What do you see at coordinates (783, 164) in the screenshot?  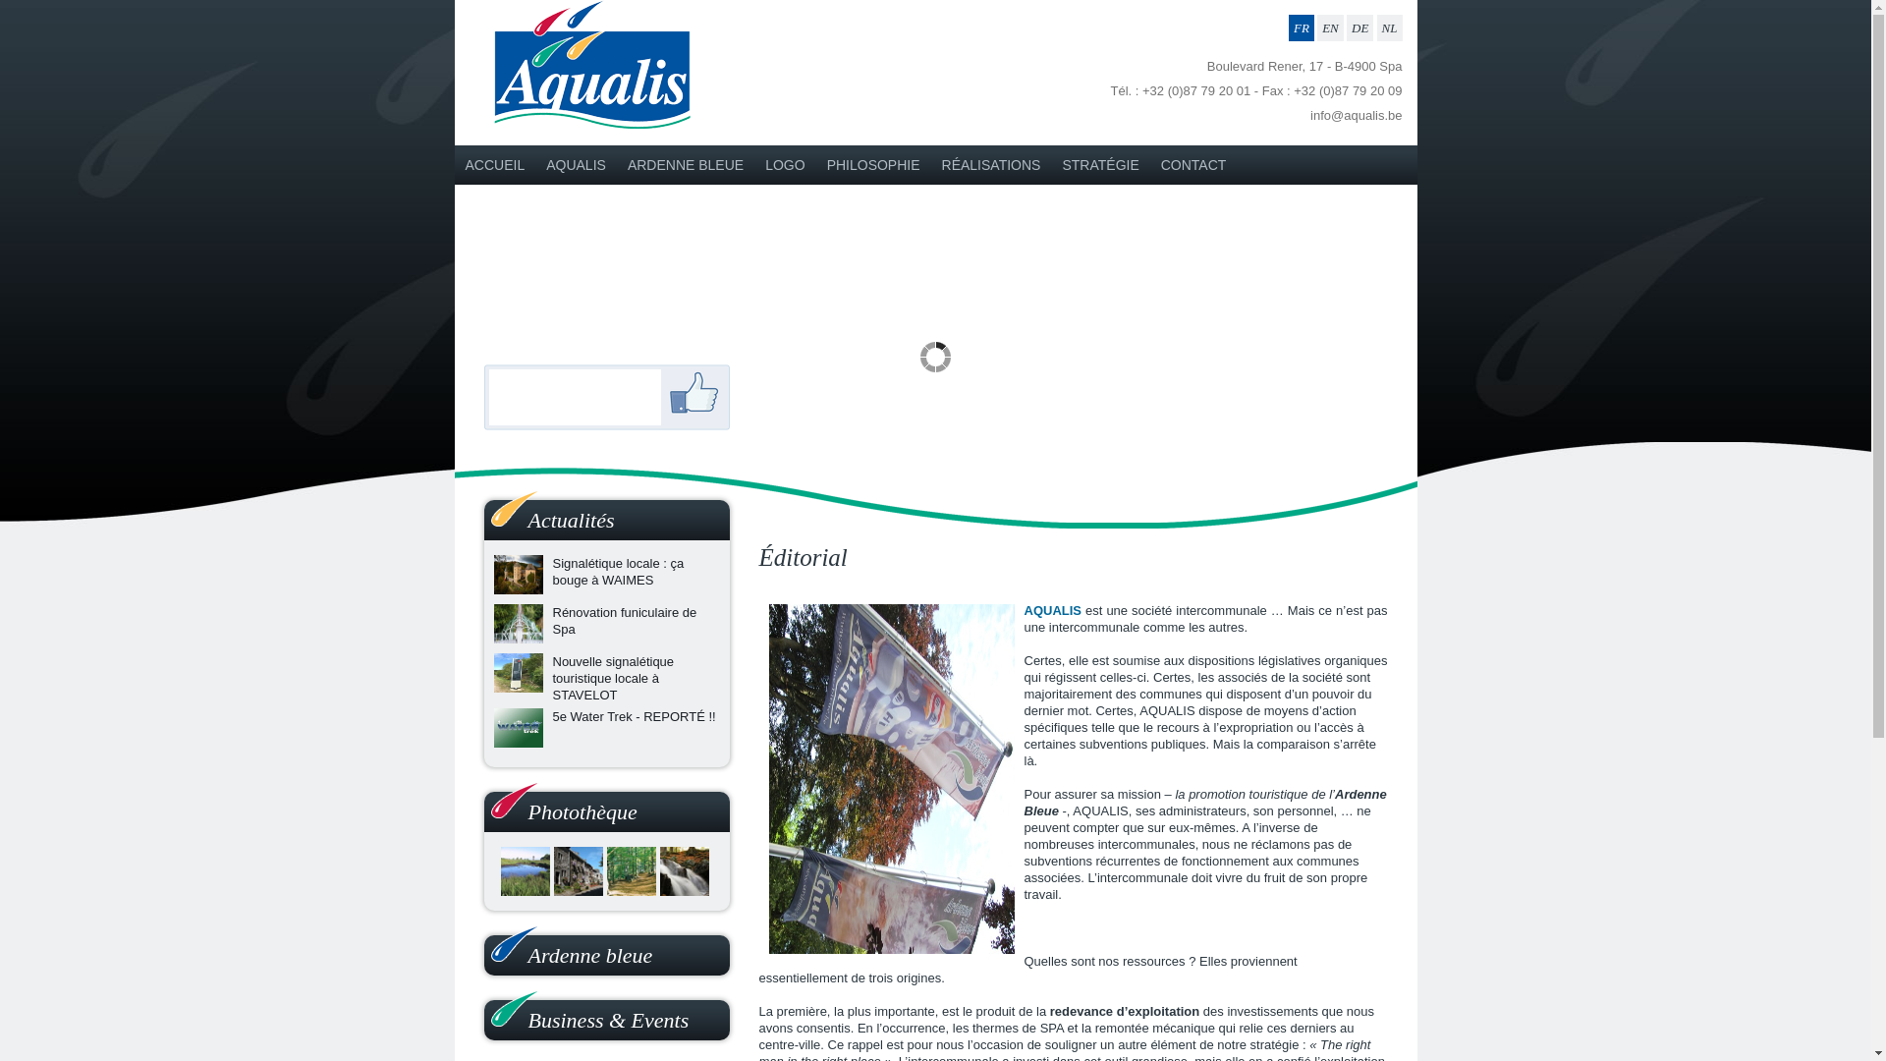 I see `'LOGO'` at bounding box center [783, 164].